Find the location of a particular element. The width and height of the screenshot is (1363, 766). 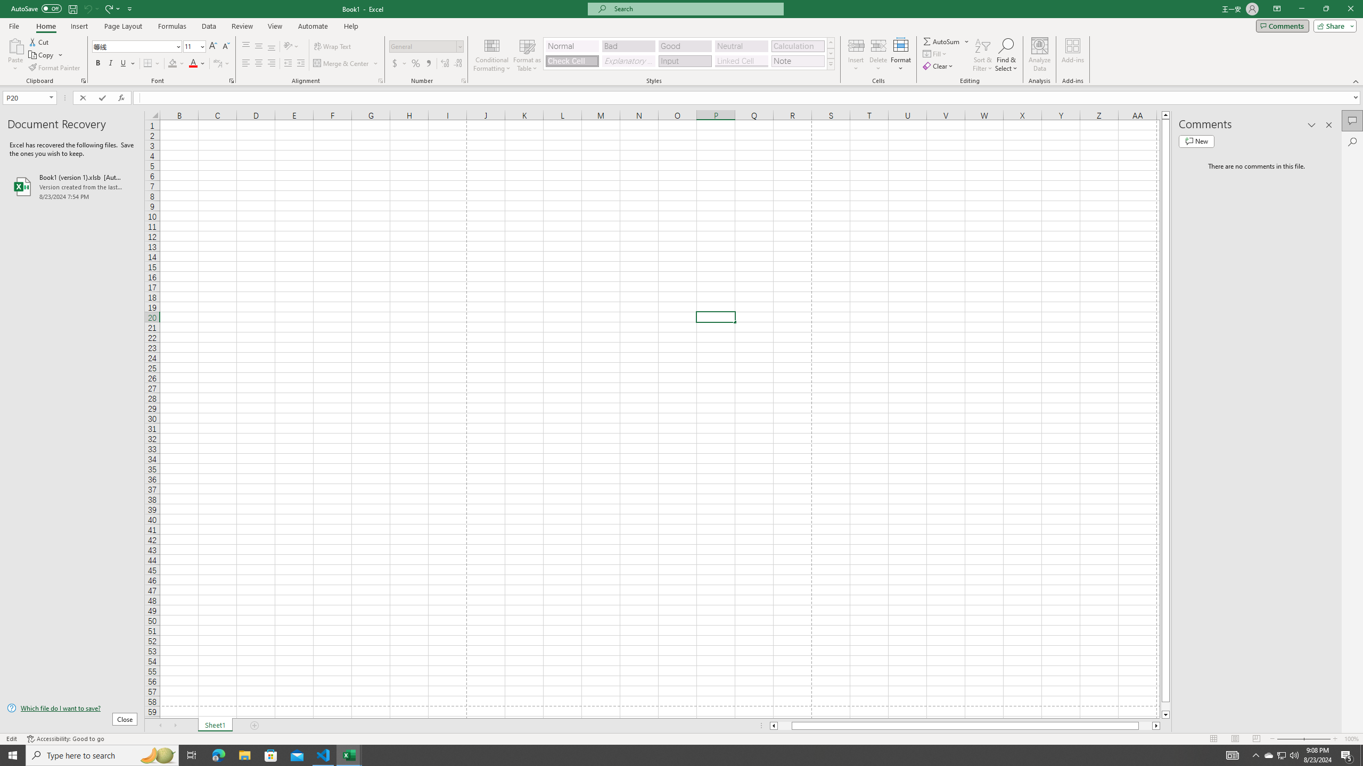

'Copy' is located at coordinates (42, 55).